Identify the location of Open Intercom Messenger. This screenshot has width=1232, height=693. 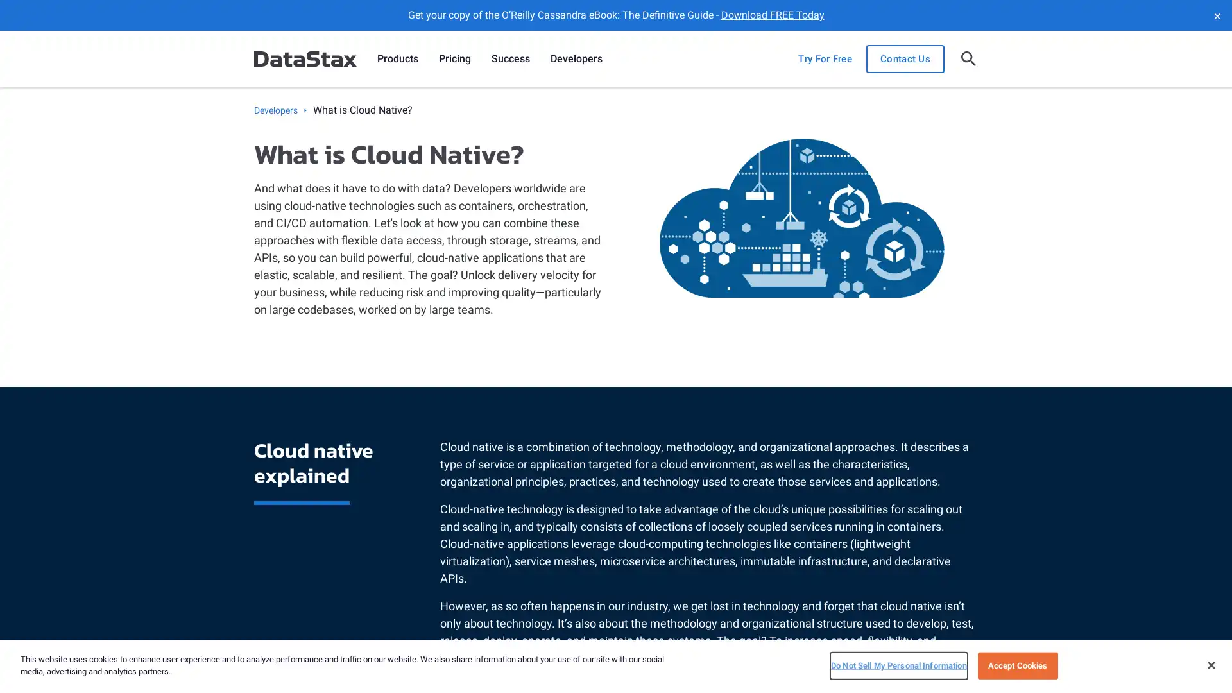
(1199, 660).